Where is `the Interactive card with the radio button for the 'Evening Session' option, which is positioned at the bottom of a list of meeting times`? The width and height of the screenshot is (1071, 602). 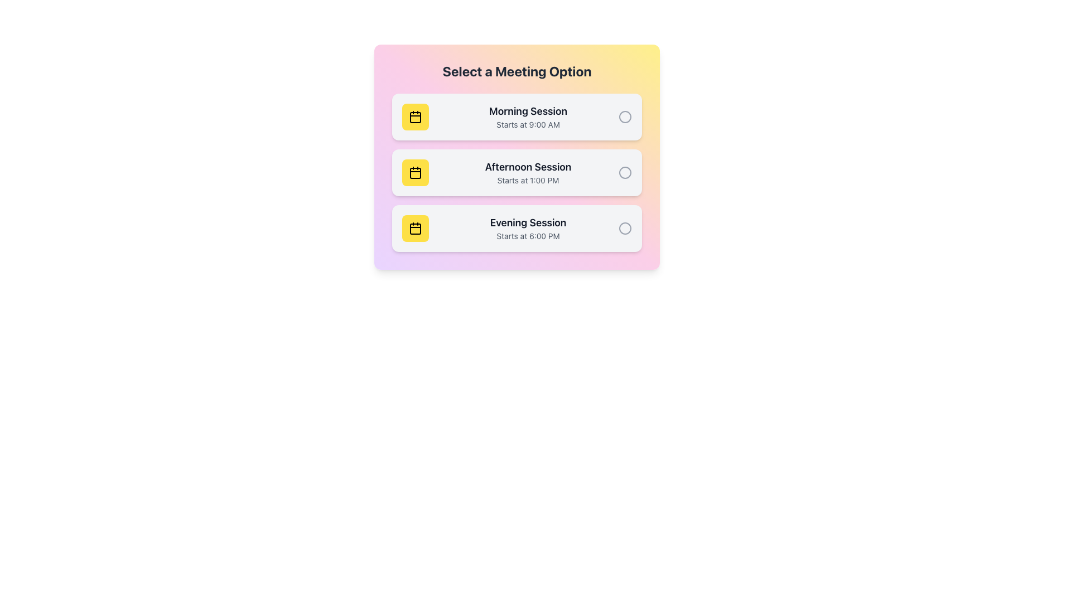 the Interactive card with the radio button for the 'Evening Session' option, which is positioned at the bottom of a list of meeting times is located at coordinates (516, 227).